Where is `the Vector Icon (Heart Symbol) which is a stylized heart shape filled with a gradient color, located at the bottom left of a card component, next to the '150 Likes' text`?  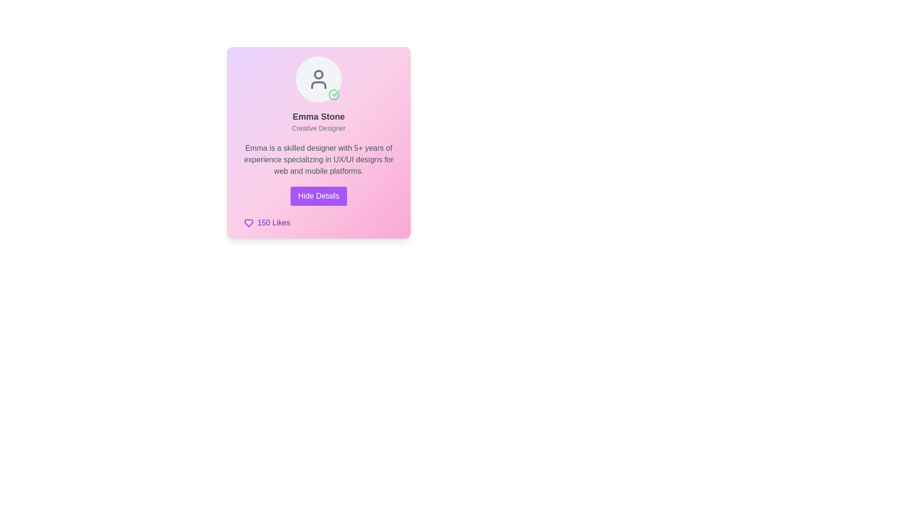 the Vector Icon (Heart Symbol) which is a stylized heart shape filled with a gradient color, located at the bottom left of a card component, next to the '150 Likes' text is located at coordinates (248, 223).